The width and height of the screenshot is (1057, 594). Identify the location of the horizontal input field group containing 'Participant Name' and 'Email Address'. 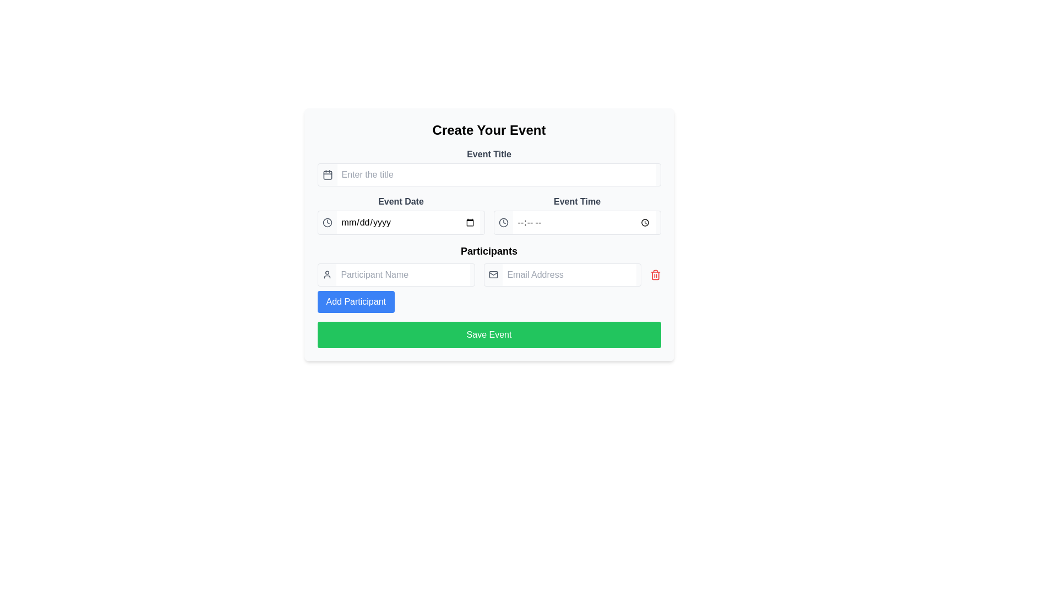
(488, 274).